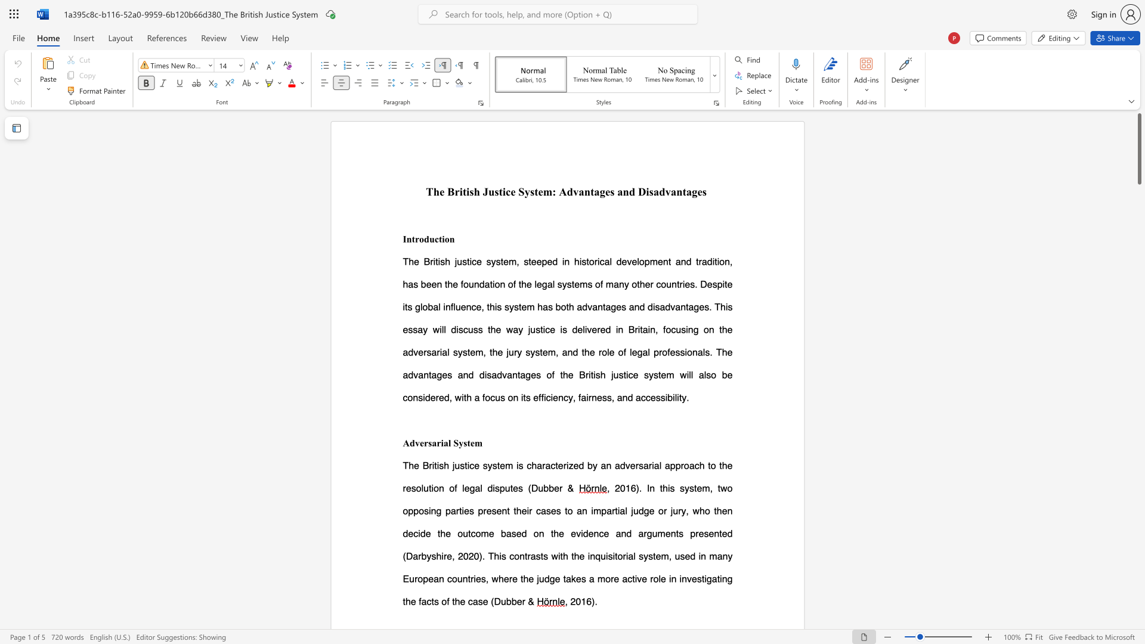 The image size is (1145, 644). What do you see at coordinates (658, 465) in the screenshot?
I see `the subset text "l approach to the resolution" within the text "The British justice system is characterized by an adversarial approach to the resolution of legal disputes"` at bounding box center [658, 465].